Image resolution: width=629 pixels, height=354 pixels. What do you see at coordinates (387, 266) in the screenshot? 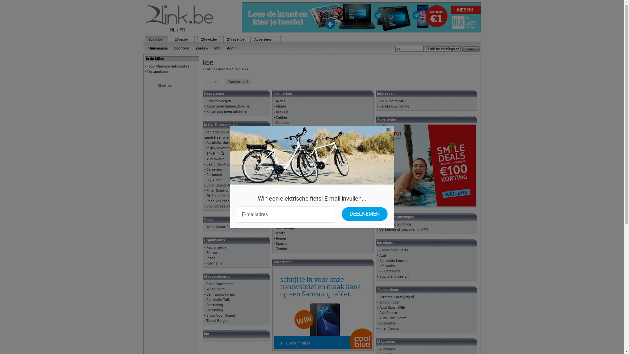
I see `'Jfe Audio'` at bounding box center [387, 266].